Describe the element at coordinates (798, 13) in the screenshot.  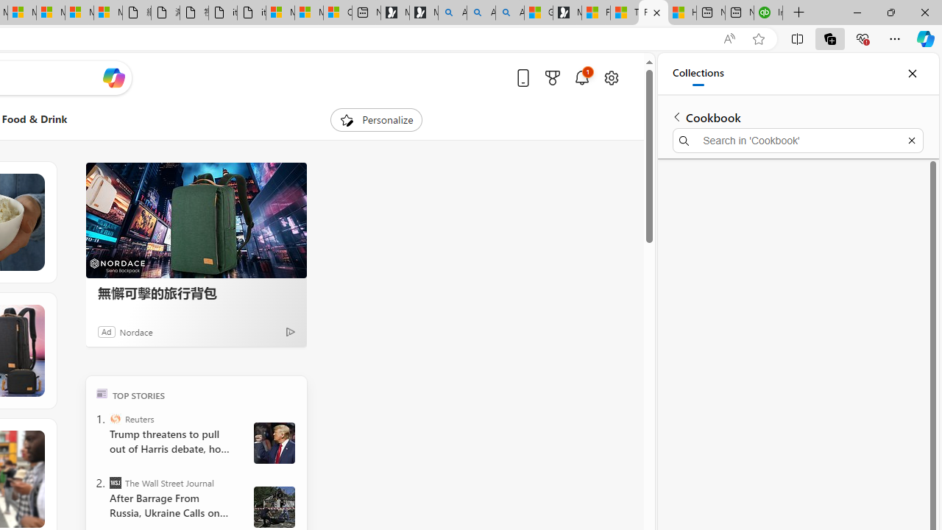
I see `'New Tab'` at that location.